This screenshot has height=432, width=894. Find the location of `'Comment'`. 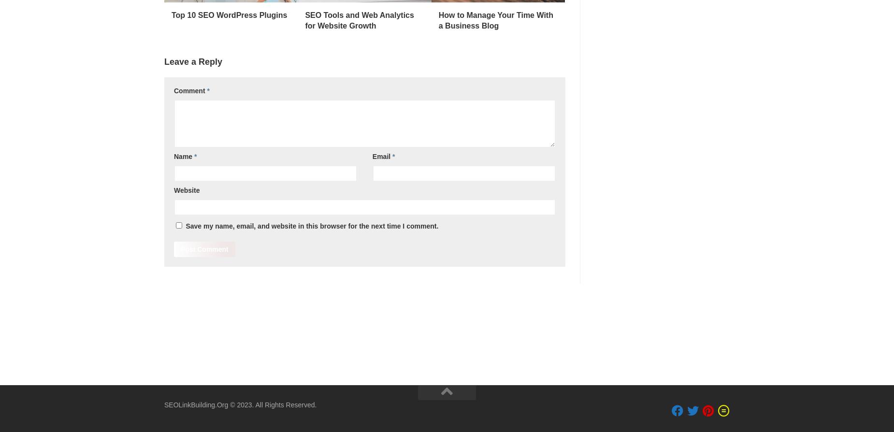

'Comment' is located at coordinates (173, 90).